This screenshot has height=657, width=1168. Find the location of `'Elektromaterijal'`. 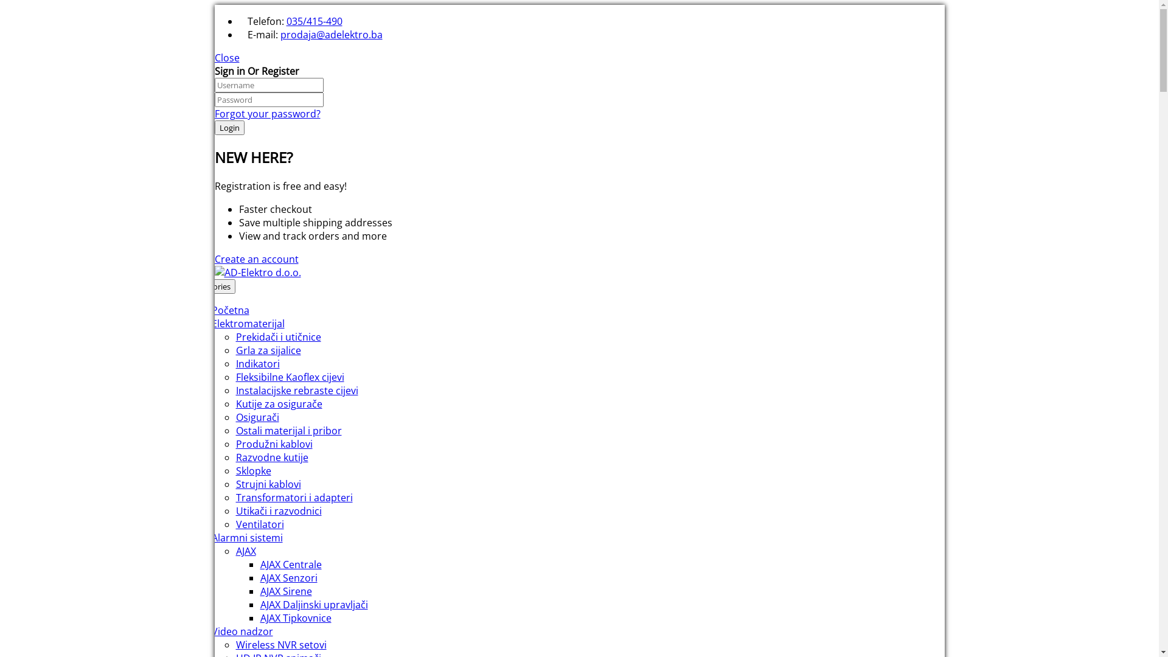

'Elektromaterijal' is located at coordinates (248, 323).